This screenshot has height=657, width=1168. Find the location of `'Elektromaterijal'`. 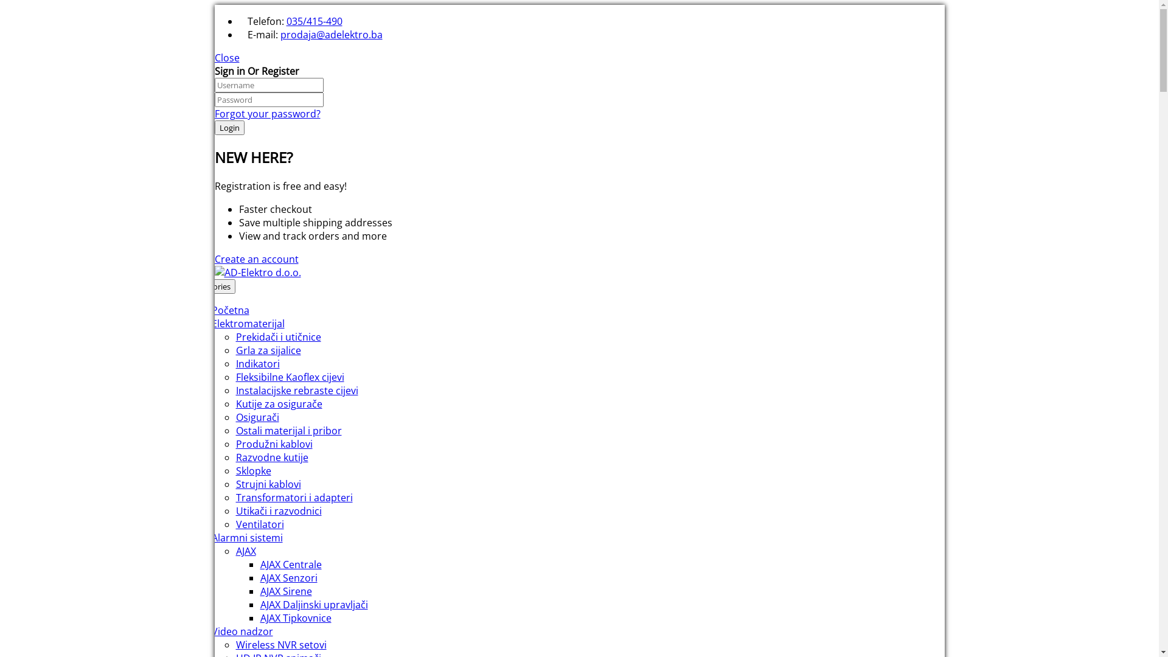

'Elektromaterijal' is located at coordinates (248, 323).